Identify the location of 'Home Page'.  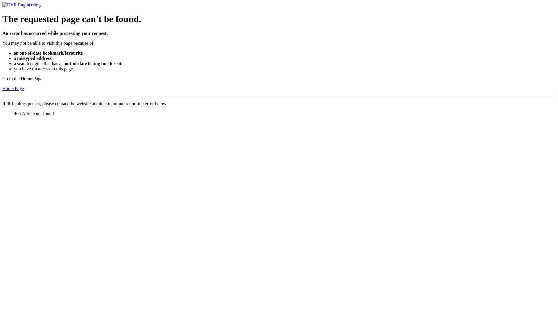
(13, 88).